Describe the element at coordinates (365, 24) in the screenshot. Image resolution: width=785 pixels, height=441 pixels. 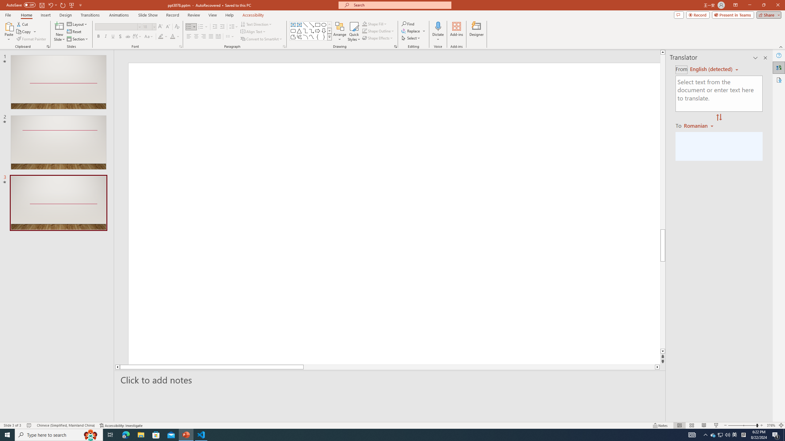
I see `'Shape Fill Dark Green, Accent 2'` at that location.